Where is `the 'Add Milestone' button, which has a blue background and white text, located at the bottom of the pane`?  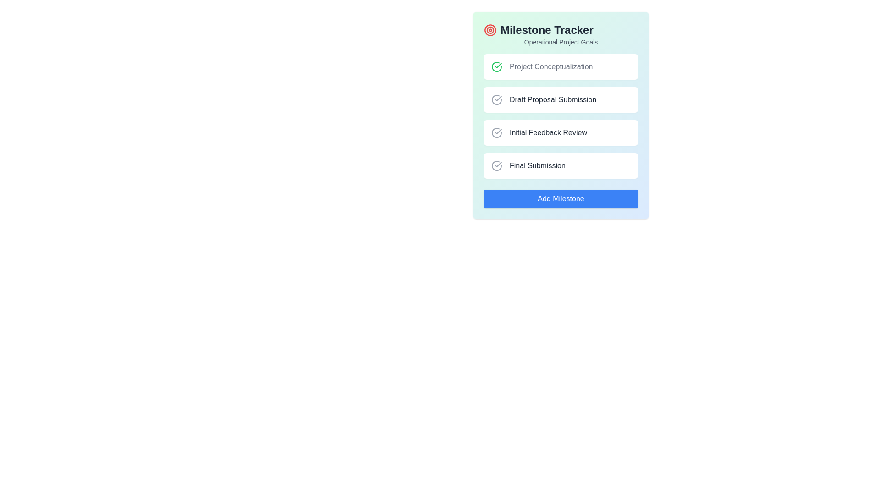
the 'Add Milestone' button, which has a blue background and white text, located at the bottom of the pane is located at coordinates (561, 198).